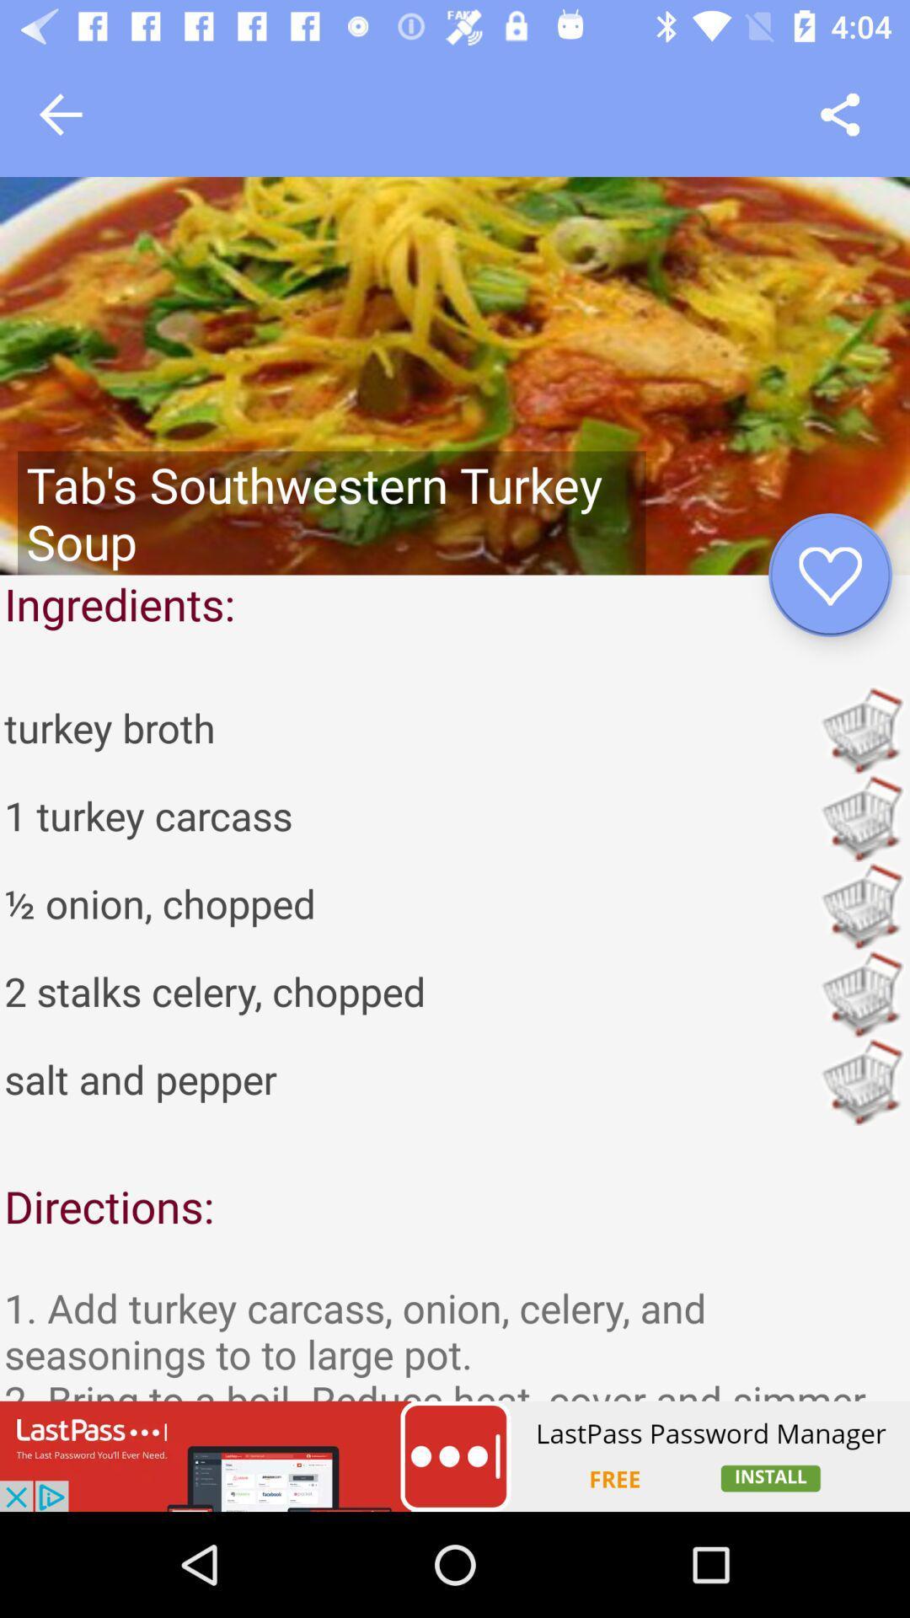 Image resolution: width=910 pixels, height=1618 pixels. Describe the element at coordinates (829, 575) in the screenshot. I see `to favorites` at that location.